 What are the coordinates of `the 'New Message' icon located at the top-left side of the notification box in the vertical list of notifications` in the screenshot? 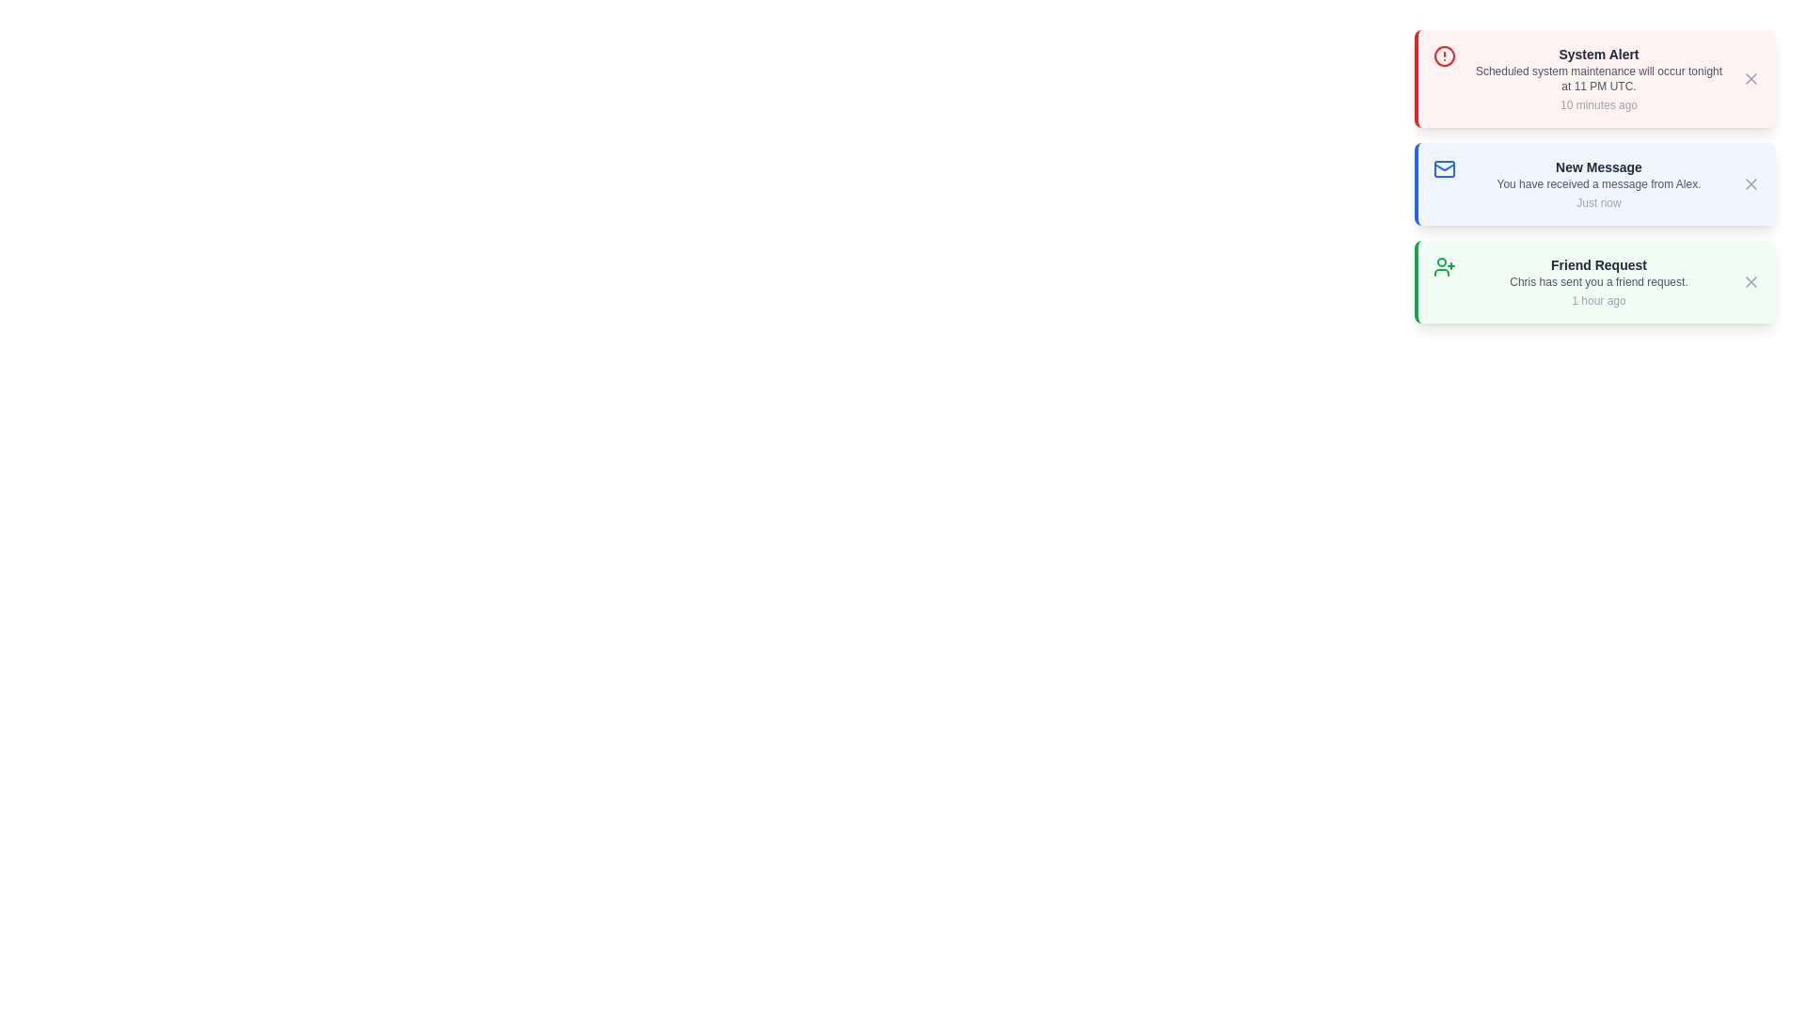 It's located at (1444, 169).